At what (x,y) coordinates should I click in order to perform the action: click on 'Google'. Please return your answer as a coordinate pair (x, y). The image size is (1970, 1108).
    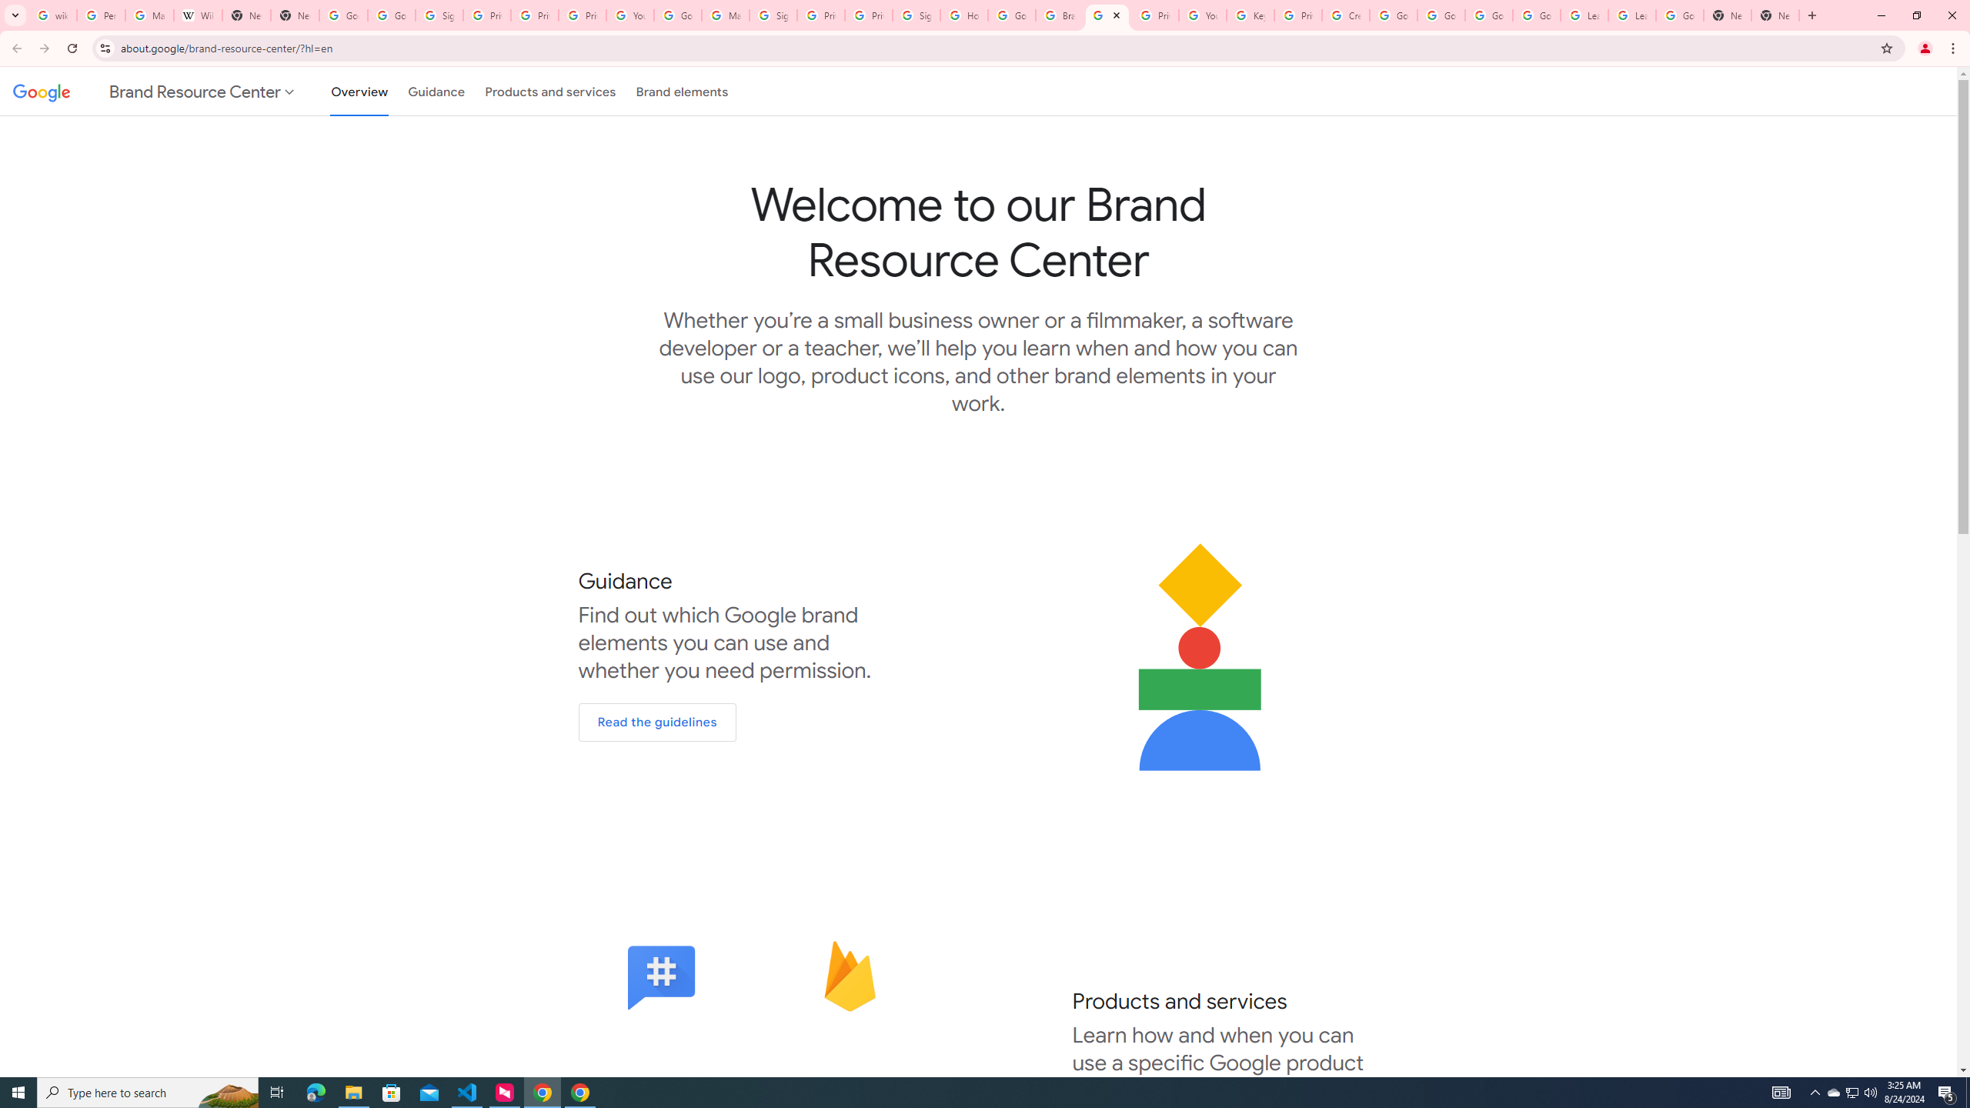
    Looking at the image, I should click on (37, 91).